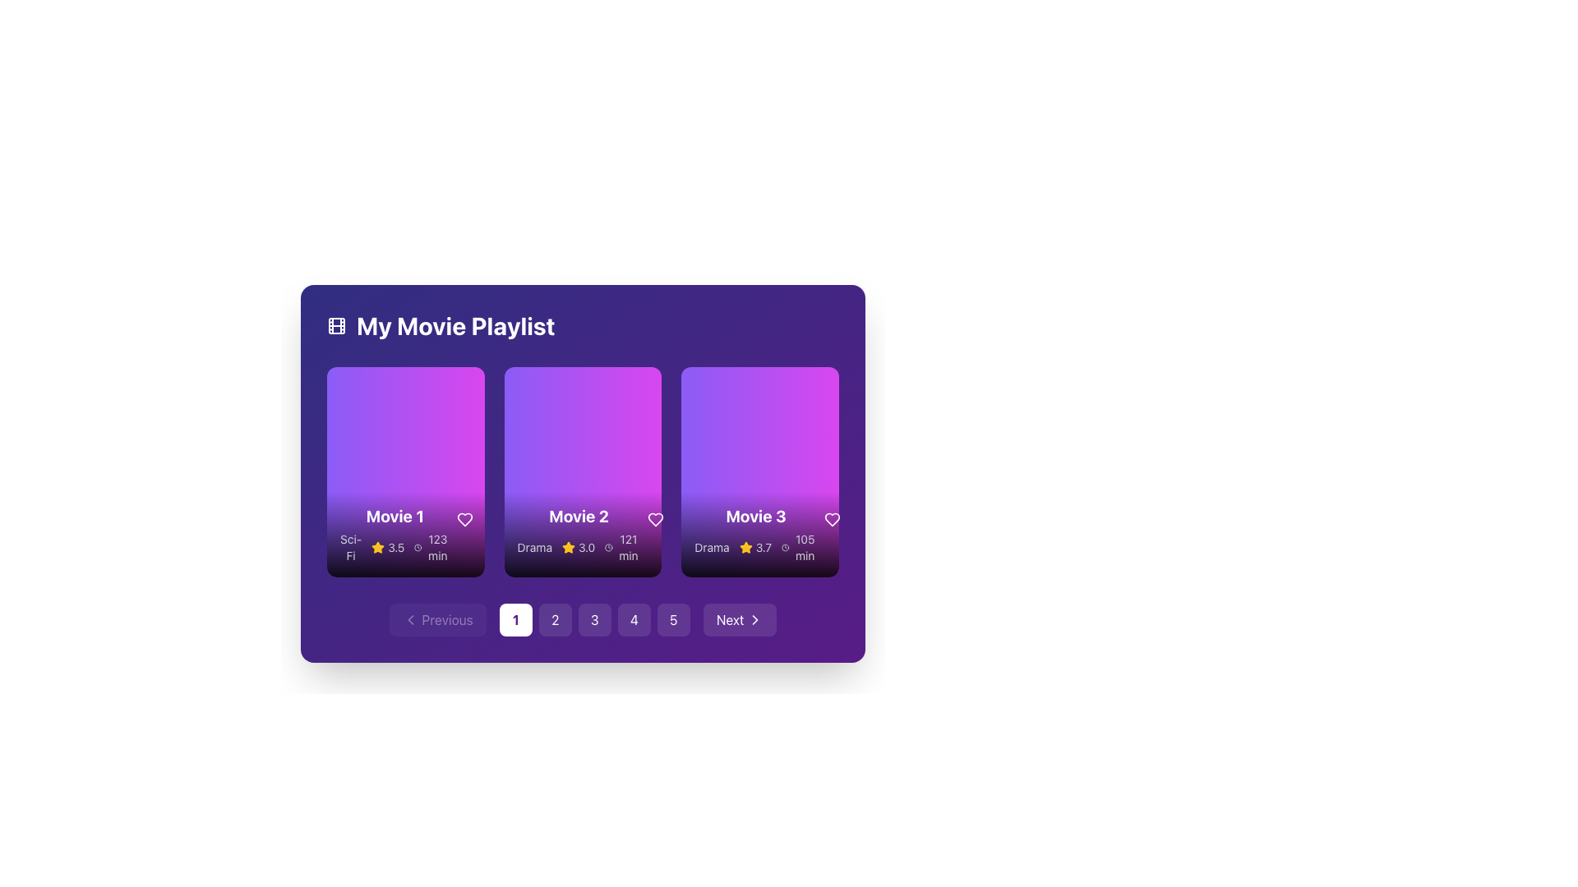 The image size is (1578, 887). What do you see at coordinates (579, 548) in the screenshot?
I see `the text component displaying the rating value '3.0' next to the star icon in the second card labeled 'Movie 2'` at bounding box center [579, 548].